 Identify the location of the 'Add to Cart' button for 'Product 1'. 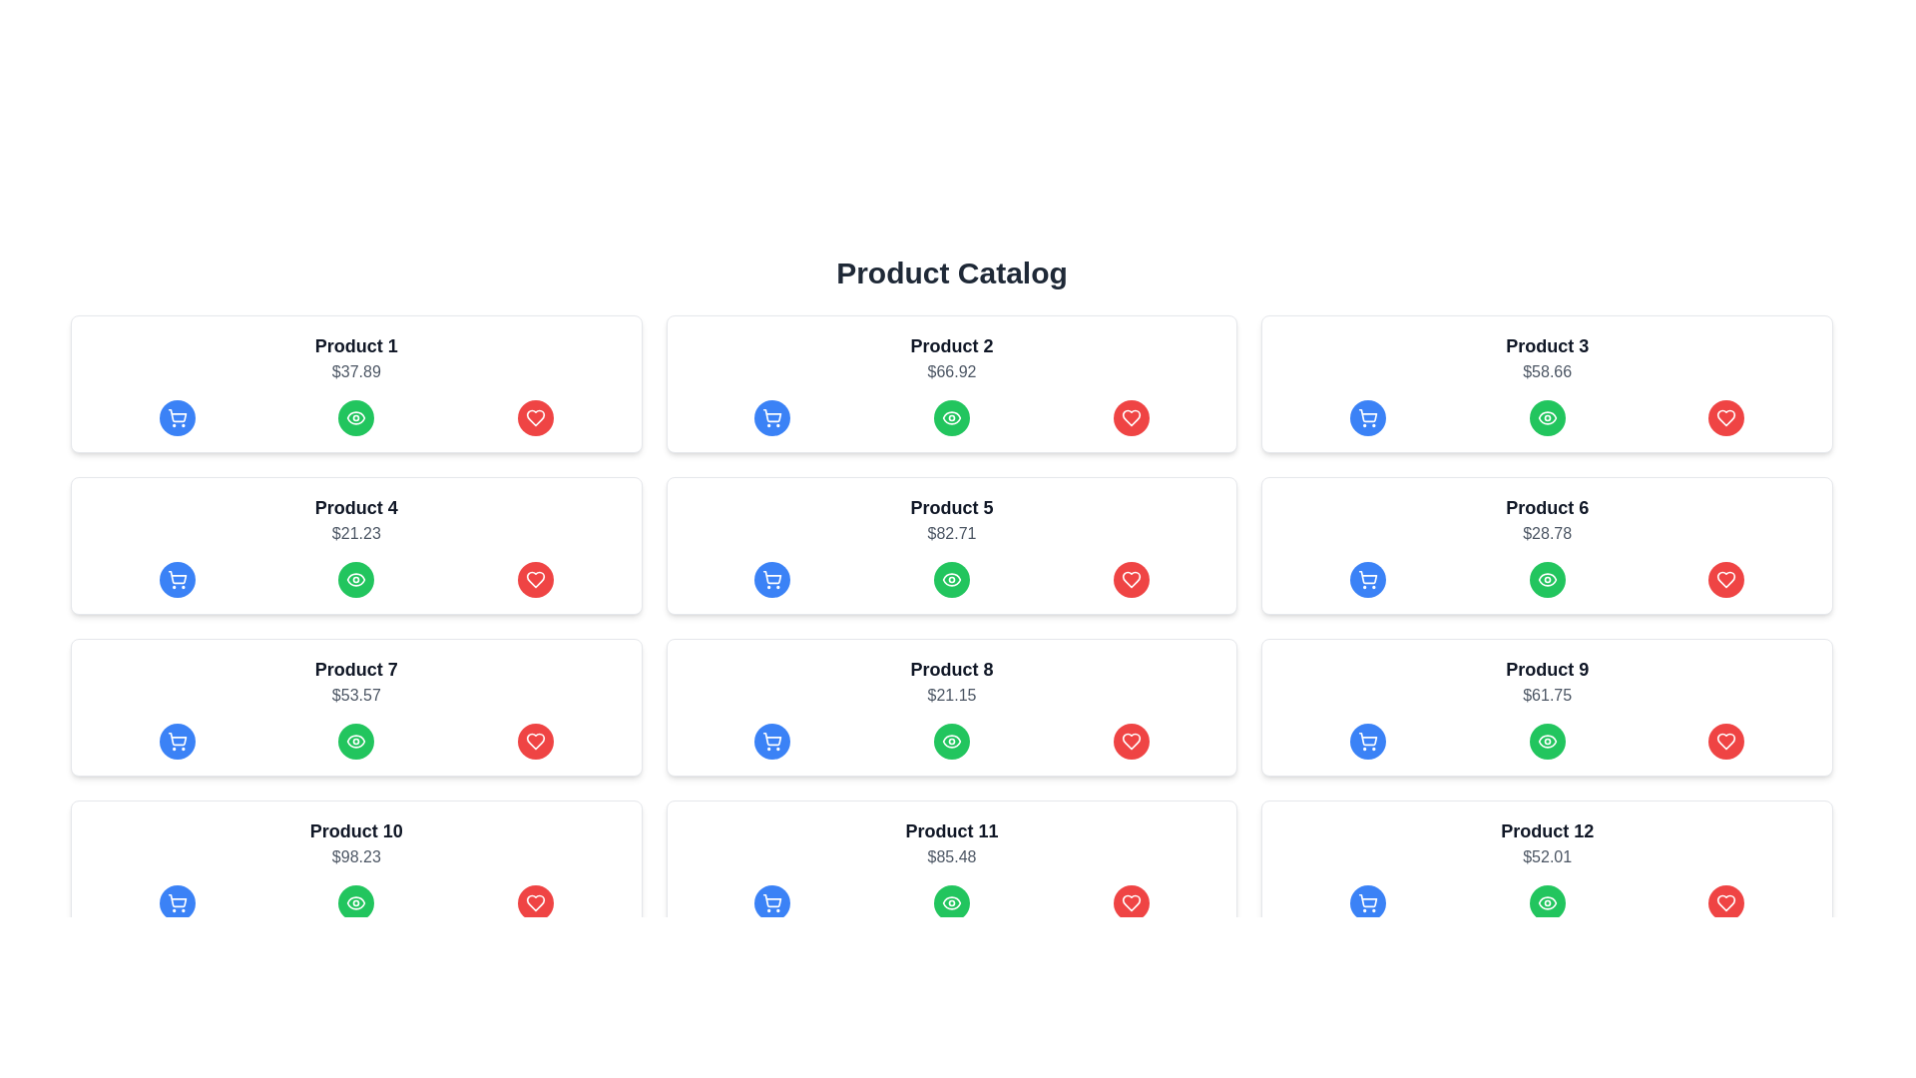
(177, 417).